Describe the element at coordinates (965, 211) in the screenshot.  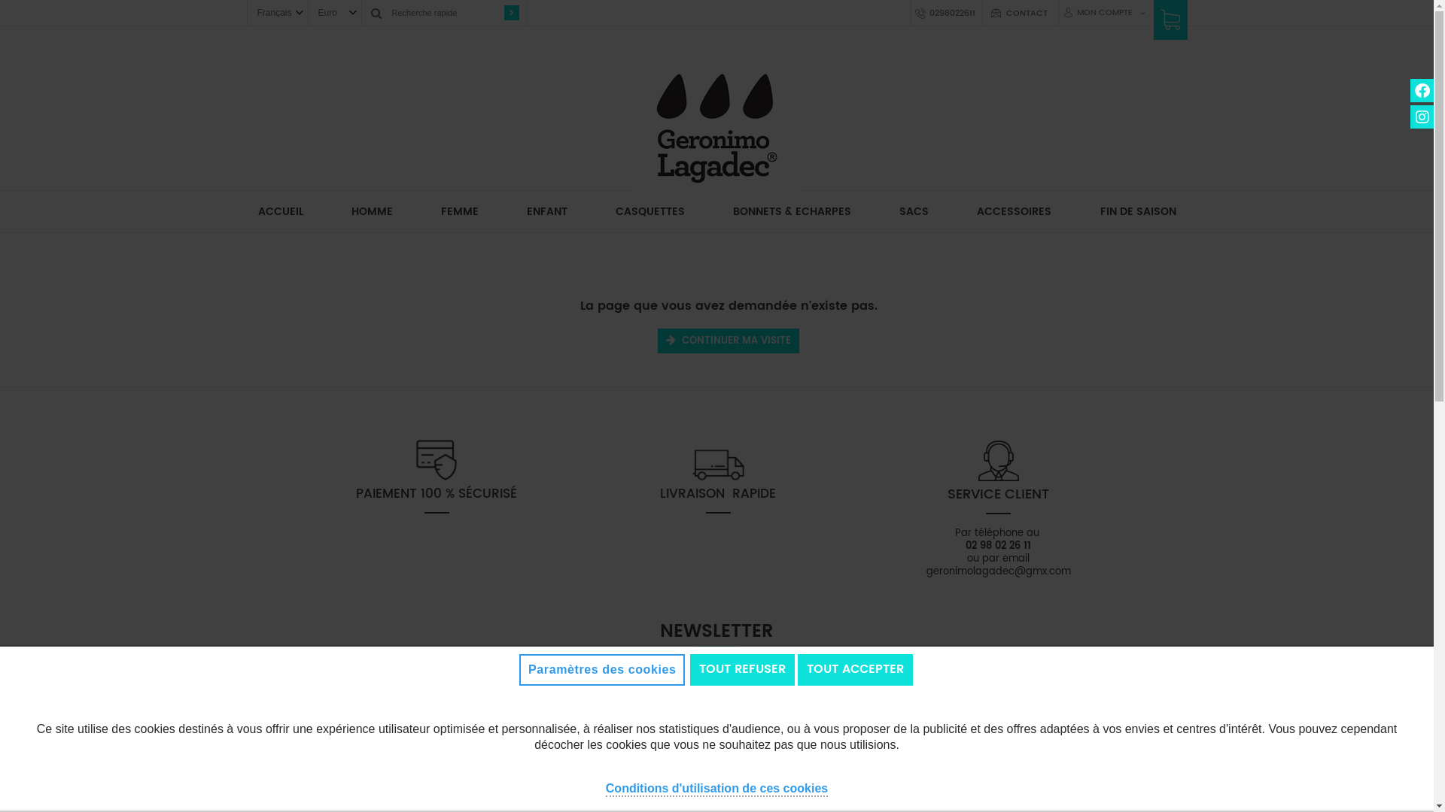
I see `'ACCESSOIRES'` at that location.